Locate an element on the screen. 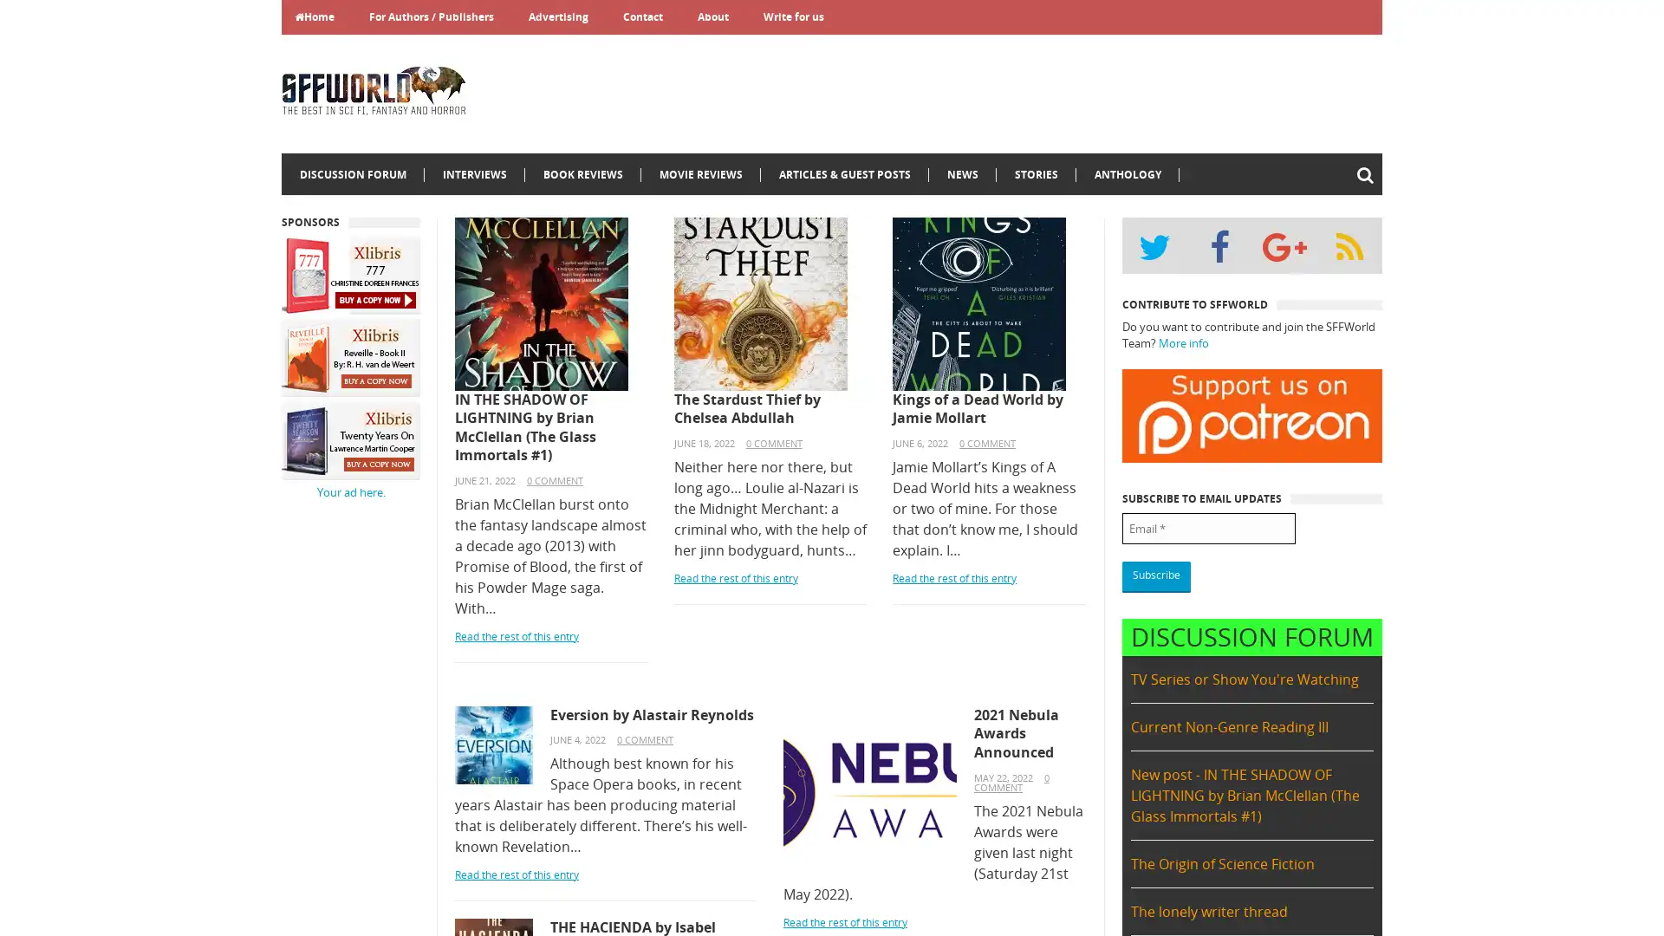 The height and width of the screenshot is (936, 1664). Subscribe is located at coordinates (1156, 575).